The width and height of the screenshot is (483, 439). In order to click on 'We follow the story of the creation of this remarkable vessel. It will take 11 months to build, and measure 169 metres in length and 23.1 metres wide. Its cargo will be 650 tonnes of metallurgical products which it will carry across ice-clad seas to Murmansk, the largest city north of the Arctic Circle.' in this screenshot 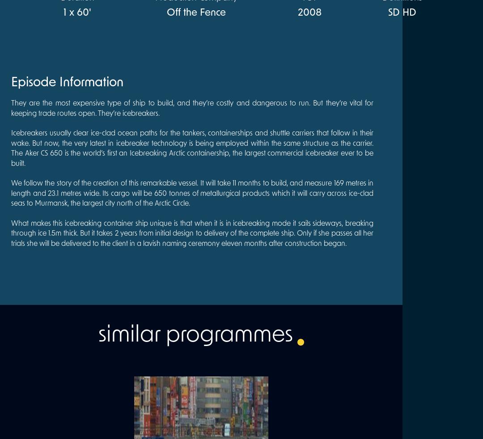, I will do `click(191, 194)`.